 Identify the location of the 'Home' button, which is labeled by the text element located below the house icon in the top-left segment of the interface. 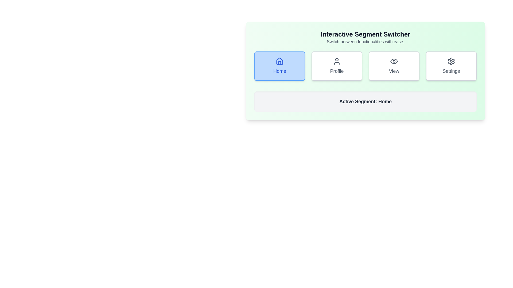
(279, 71).